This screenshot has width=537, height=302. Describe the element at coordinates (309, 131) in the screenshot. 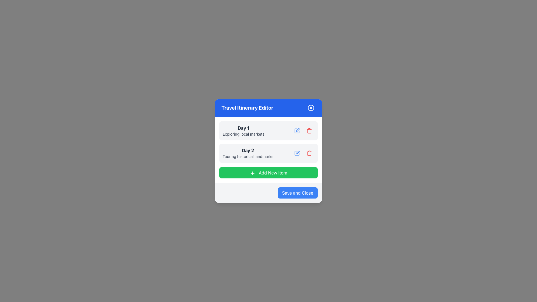

I see `the red trash can icon representing deletion functionality located to the far right of the row for 'Day 2: Touring historical landmarks'` at that location.